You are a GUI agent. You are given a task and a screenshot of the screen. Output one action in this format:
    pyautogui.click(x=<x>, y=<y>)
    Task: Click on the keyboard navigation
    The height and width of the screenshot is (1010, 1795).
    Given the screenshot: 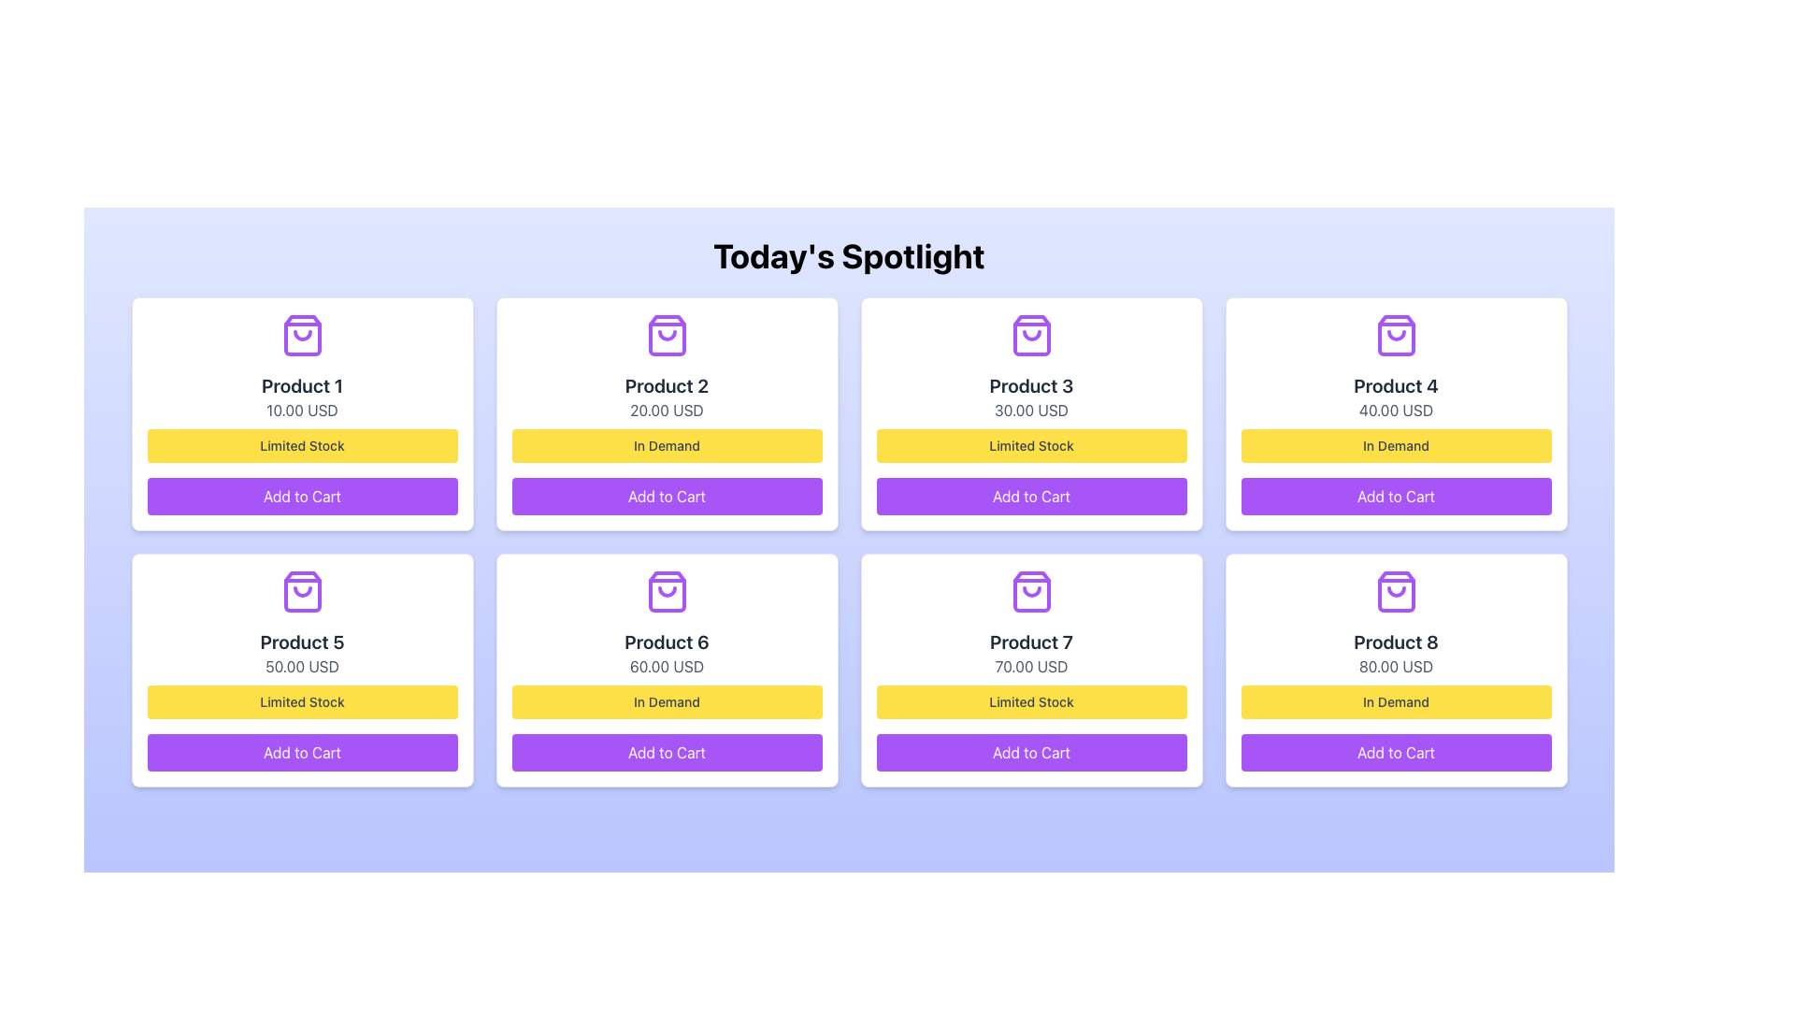 What is the action you would take?
    pyautogui.click(x=667, y=496)
    